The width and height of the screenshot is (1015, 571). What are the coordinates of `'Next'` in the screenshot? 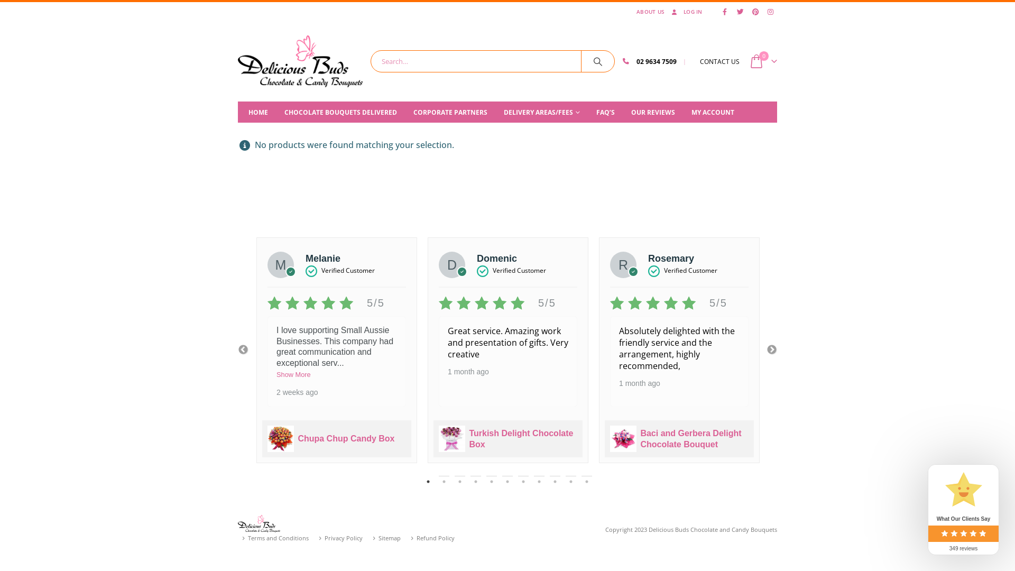 It's located at (771, 350).